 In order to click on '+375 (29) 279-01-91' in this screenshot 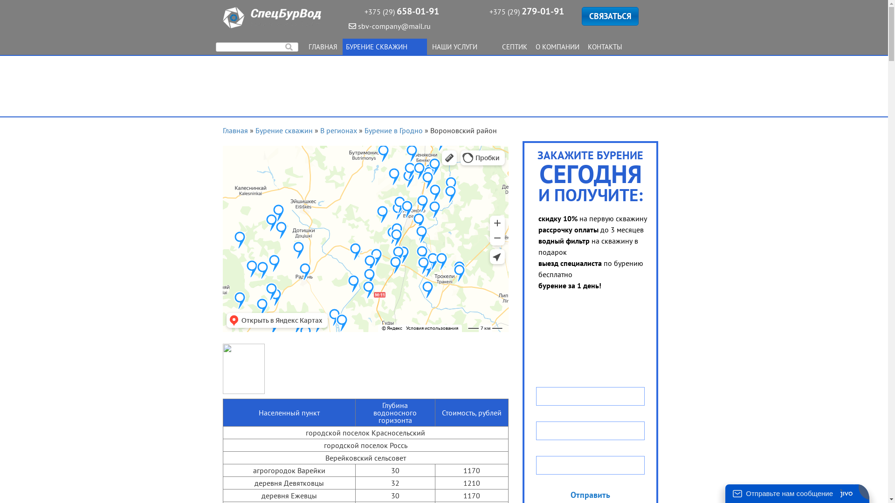, I will do `click(526, 11)`.